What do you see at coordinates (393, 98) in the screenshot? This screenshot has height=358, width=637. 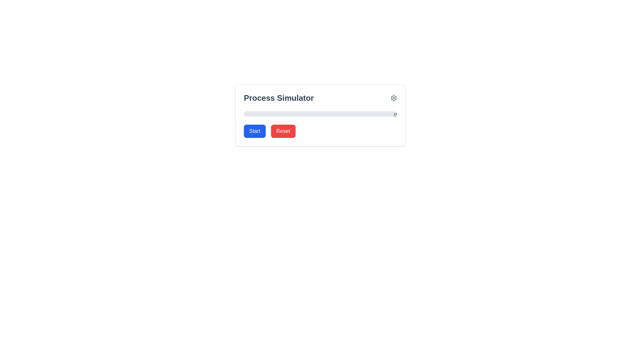 I see `the small gear-like icon in the top-right corner of the 'Process Simulator' interface card, which is styled in gray and represents settings functionality` at bounding box center [393, 98].